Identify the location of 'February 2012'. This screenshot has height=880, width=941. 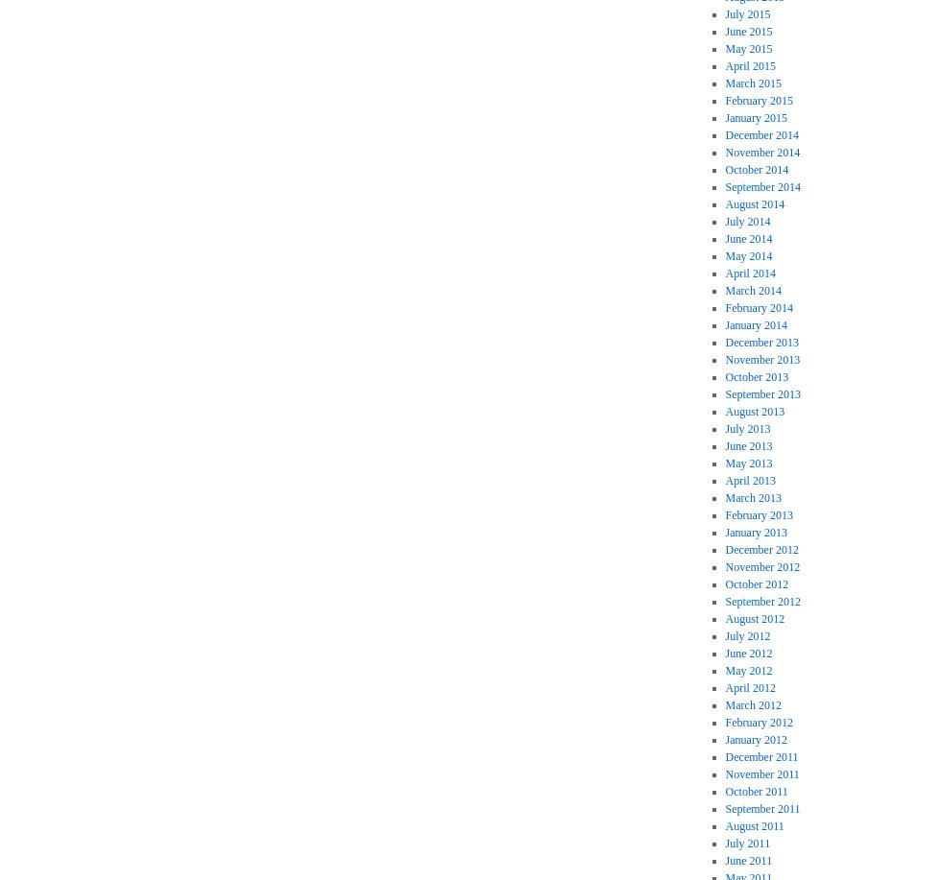
(724, 722).